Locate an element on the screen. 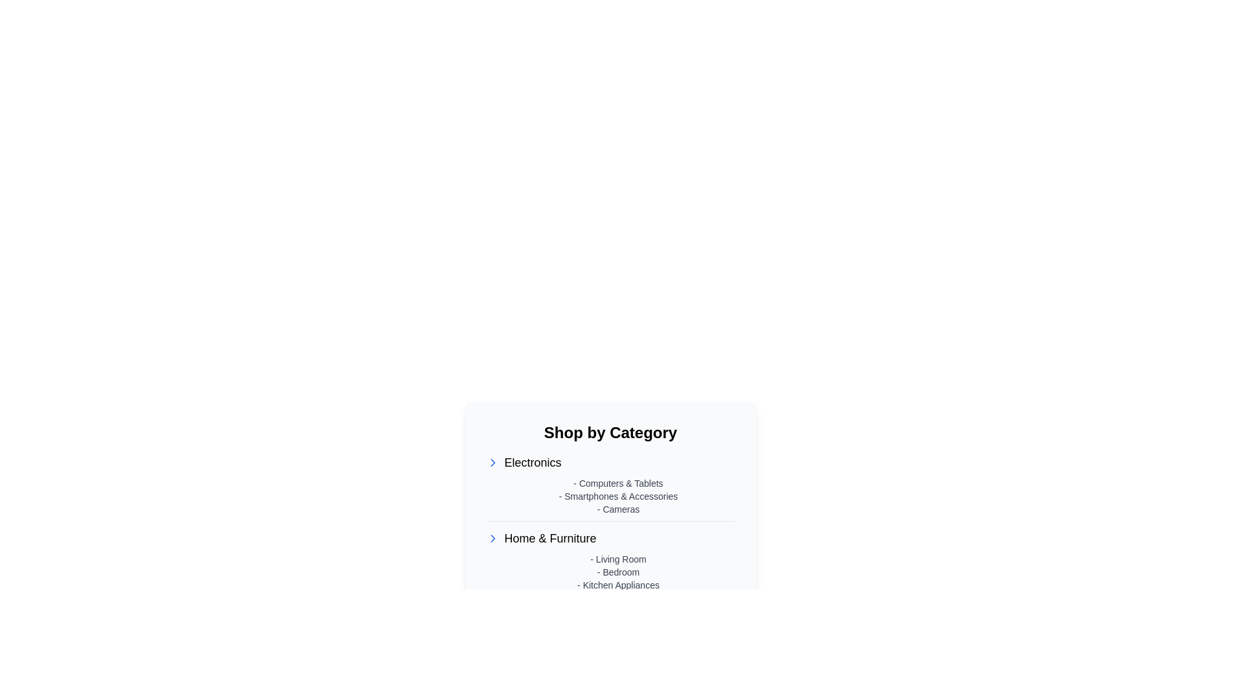 This screenshot has width=1244, height=700. the static text label that is the second item in the 'Electronics' category, positioned between '- Computers & Tablets' and '- Cameras' is located at coordinates (617, 496).